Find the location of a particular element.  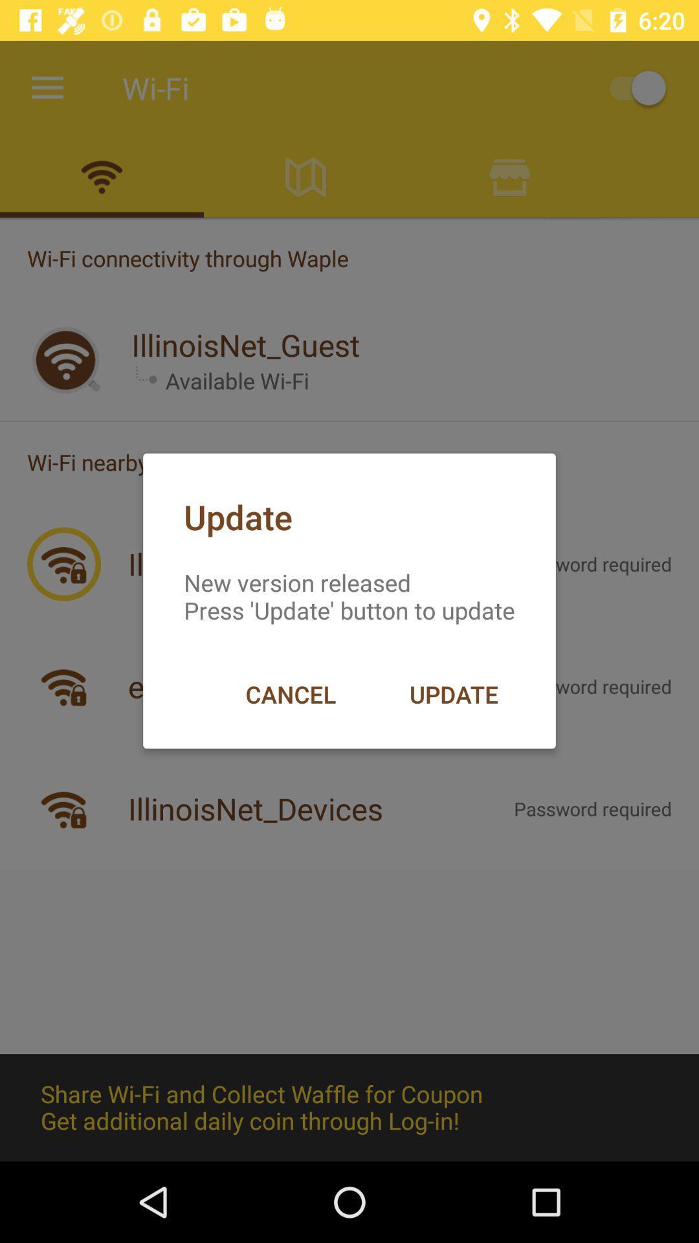

cancel item is located at coordinates (290, 693).